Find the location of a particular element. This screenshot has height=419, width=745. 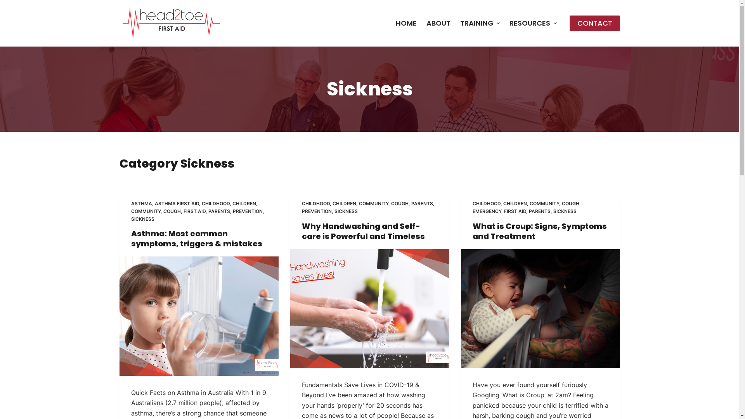

'TRAINING' is located at coordinates (455, 23).